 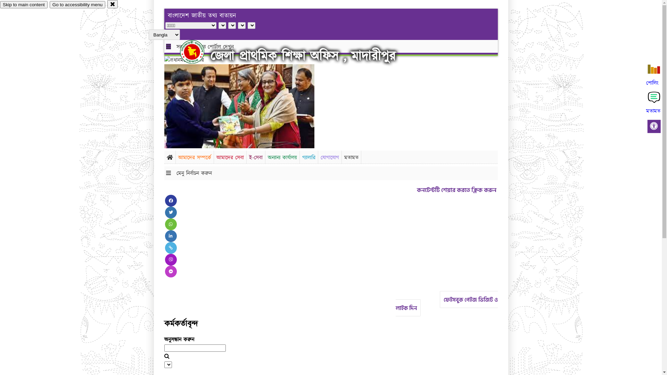 What do you see at coordinates (24, 5) in the screenshot?
I see `'Skip to main content'` at bounding box center [24, 5].